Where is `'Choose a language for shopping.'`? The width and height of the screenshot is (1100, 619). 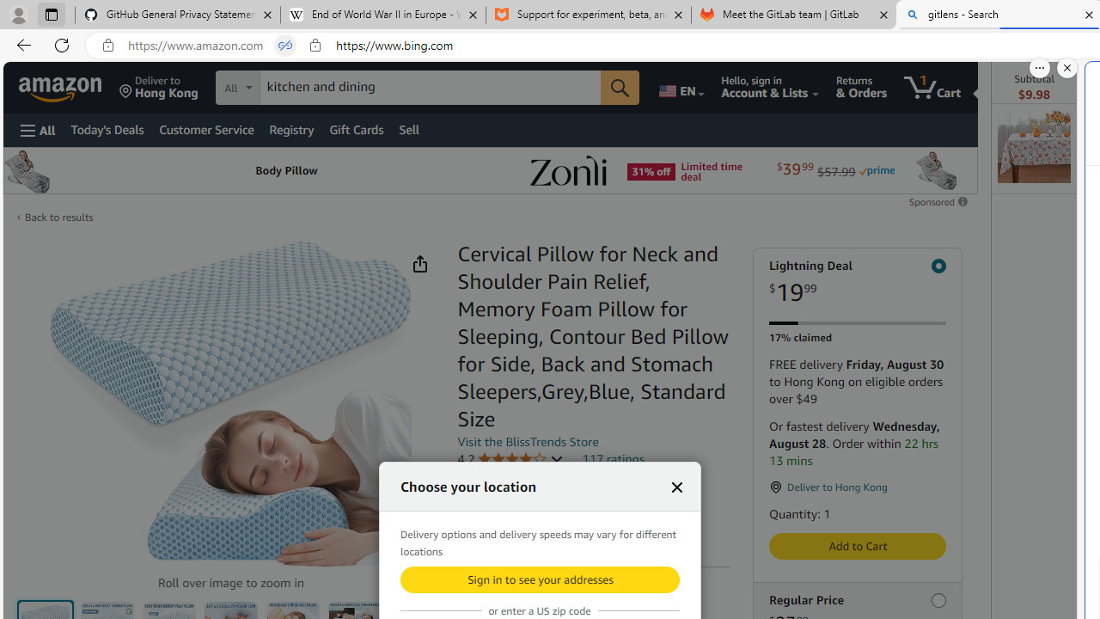 'Choose a language for shopping.' is located at coordinates (680, 87).